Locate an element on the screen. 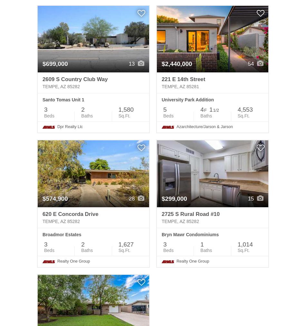 The width and height of the screenshot is (306, 326). '5' is located at coordinates (165, 109).